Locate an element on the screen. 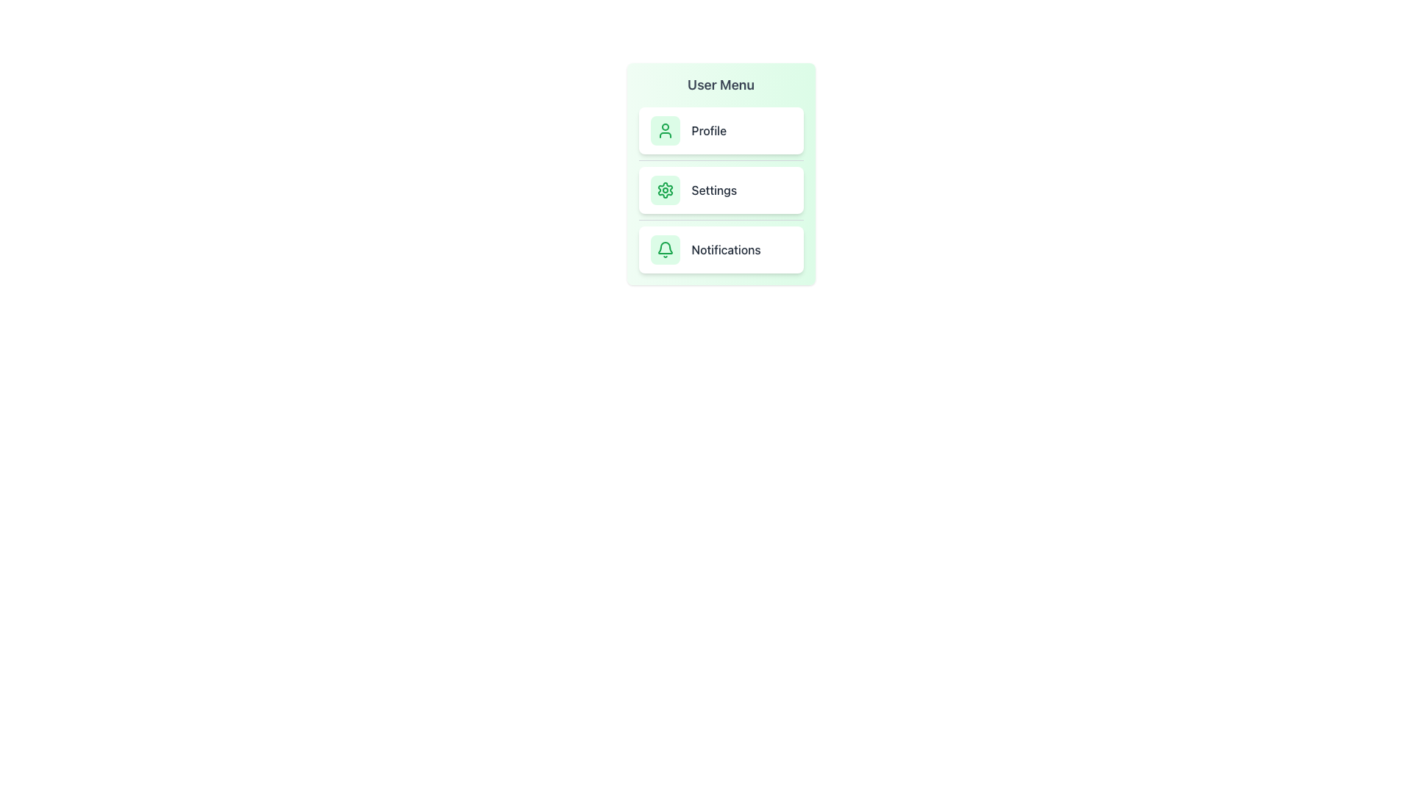  the horizontal Separator line that visually divides the Profile section and the Settings section in the user menu is located at coordinates (721, 160).